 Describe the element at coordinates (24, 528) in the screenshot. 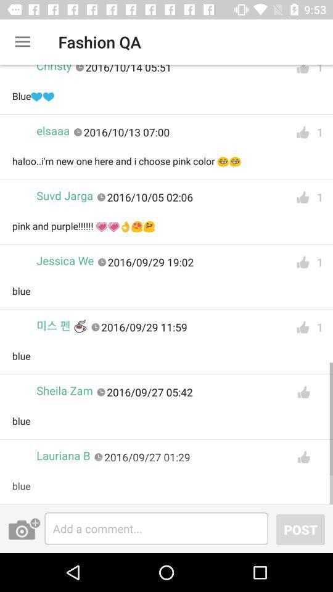

I see `item below blue icon` at that location.